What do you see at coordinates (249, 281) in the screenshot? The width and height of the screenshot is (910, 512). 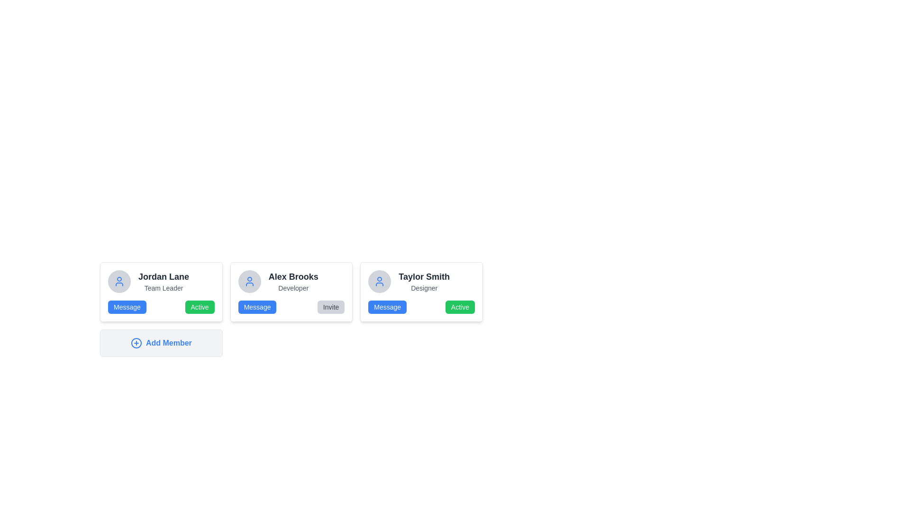 I see `the image placeholder representing the user's profile picture located to the left of the text 'Alex Brooks Developer' in the card layout` at bounding box center [249, 281].